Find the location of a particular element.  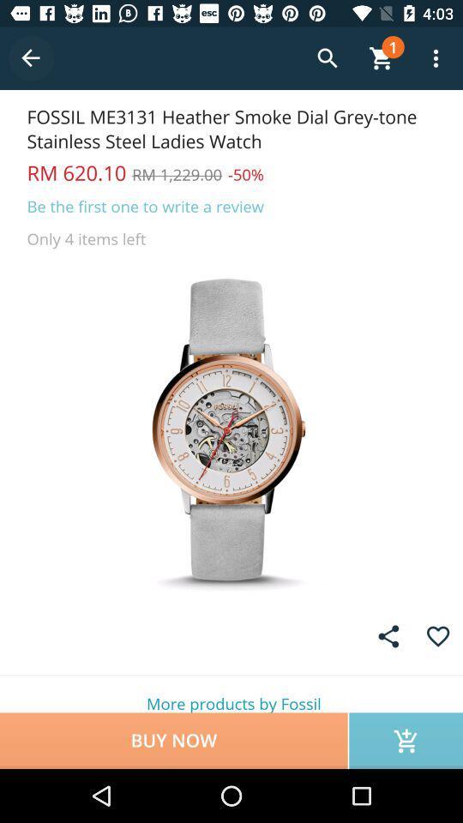

share with others link is located at coordinates (388, 635).